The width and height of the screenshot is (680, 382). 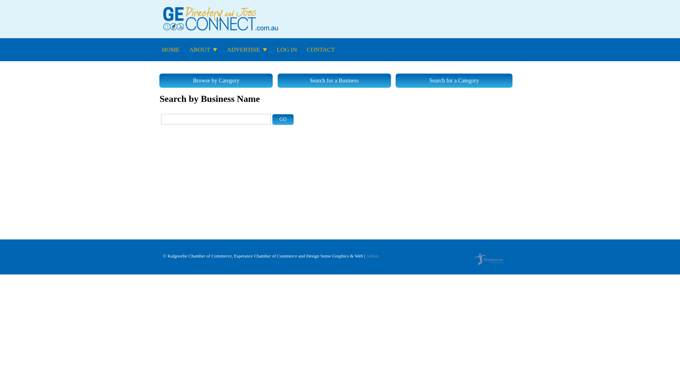 What do you see at coordinates (215, 80) in the screenshot?
I see `'Browse by Category'` at bounding box center [215, 80].